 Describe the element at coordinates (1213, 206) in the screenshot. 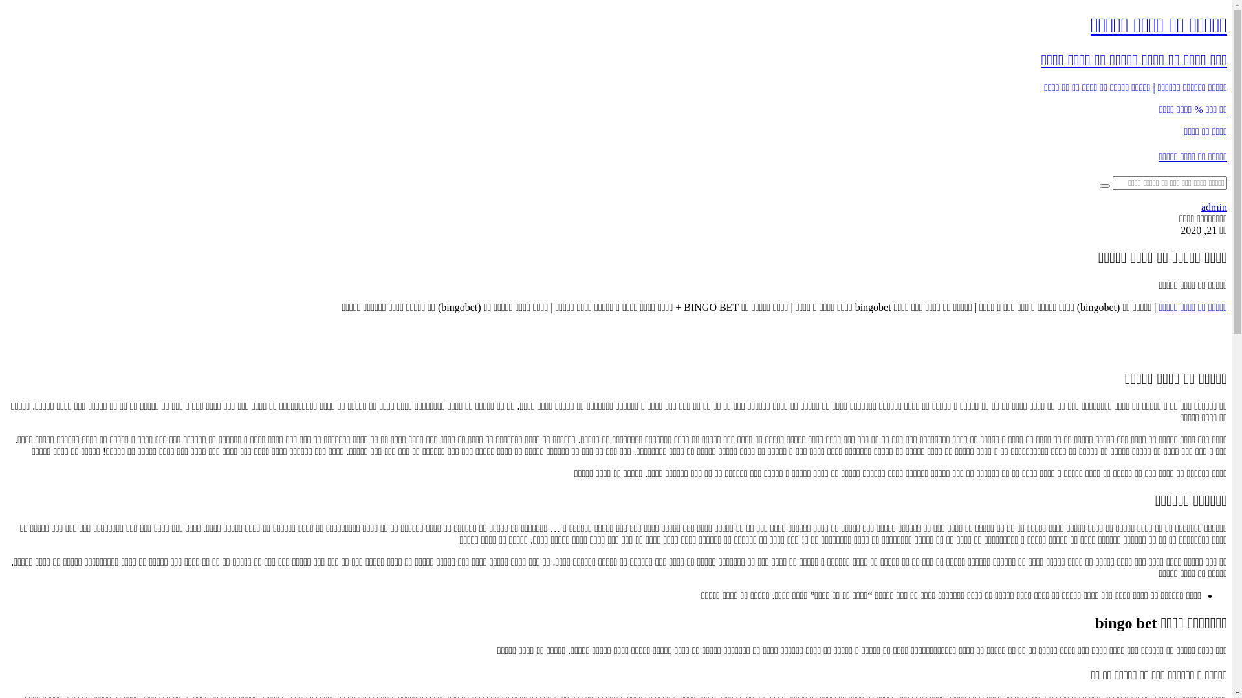

I see `'admin'` at that location.